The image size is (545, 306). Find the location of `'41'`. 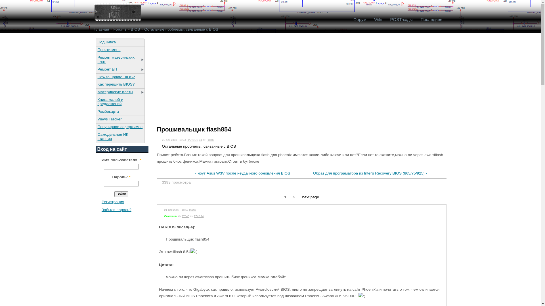

'41' is located at coordinates (200, 140).